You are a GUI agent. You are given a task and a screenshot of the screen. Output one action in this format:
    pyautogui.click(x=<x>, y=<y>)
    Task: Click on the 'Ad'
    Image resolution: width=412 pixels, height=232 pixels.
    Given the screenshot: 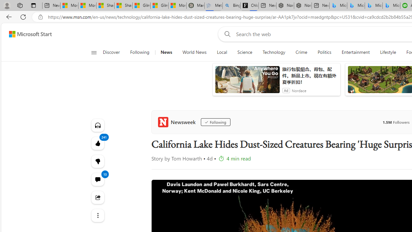 What is the action you would take?
    pyautogui.click(x=286, y=90)
    